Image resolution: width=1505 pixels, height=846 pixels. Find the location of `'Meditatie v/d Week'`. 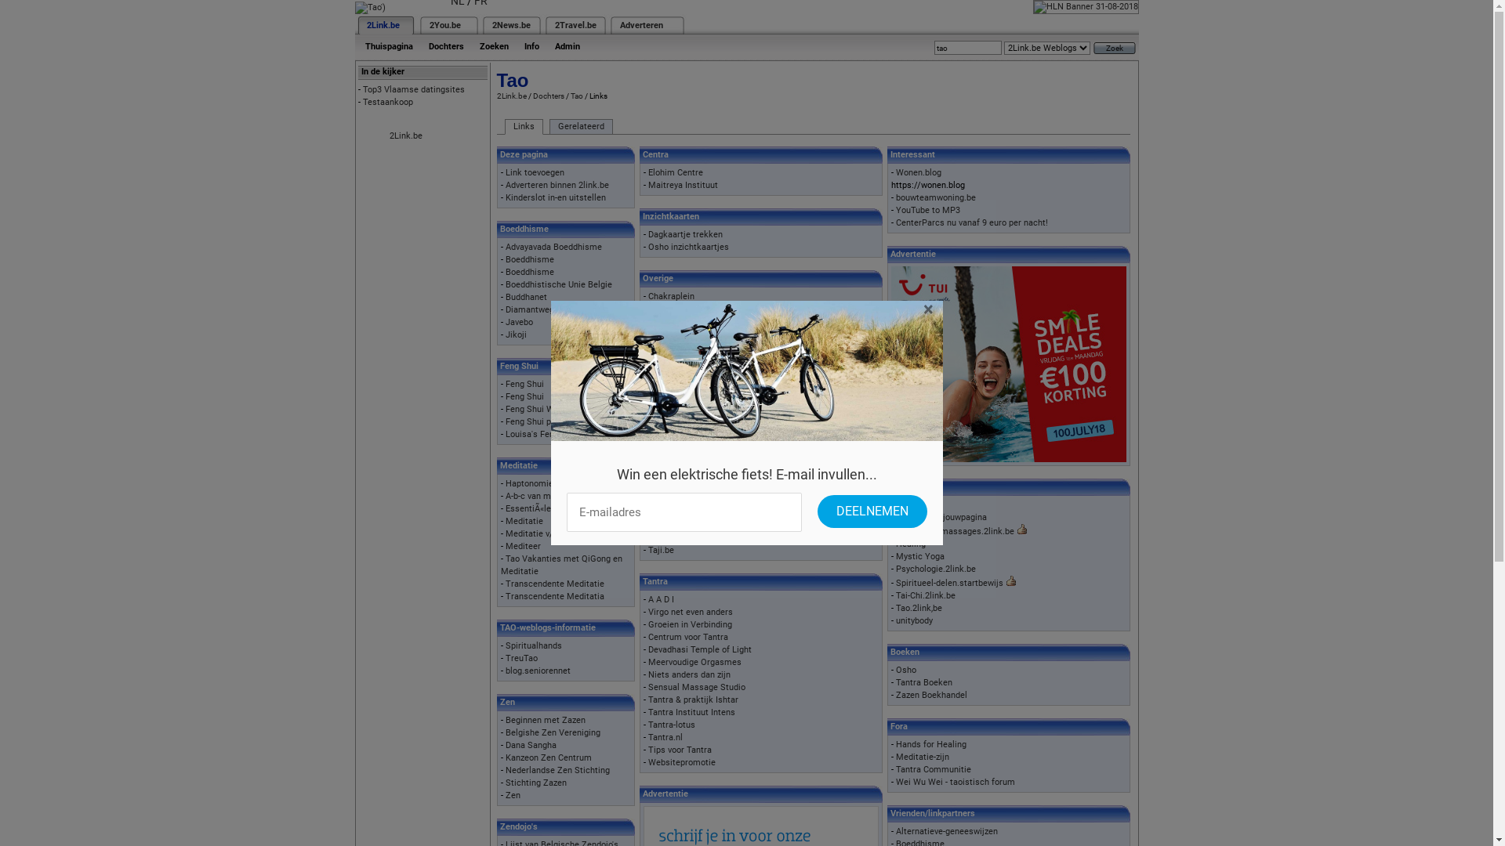

'Meditatie v/d Week' is located at coordinates (504, 533).